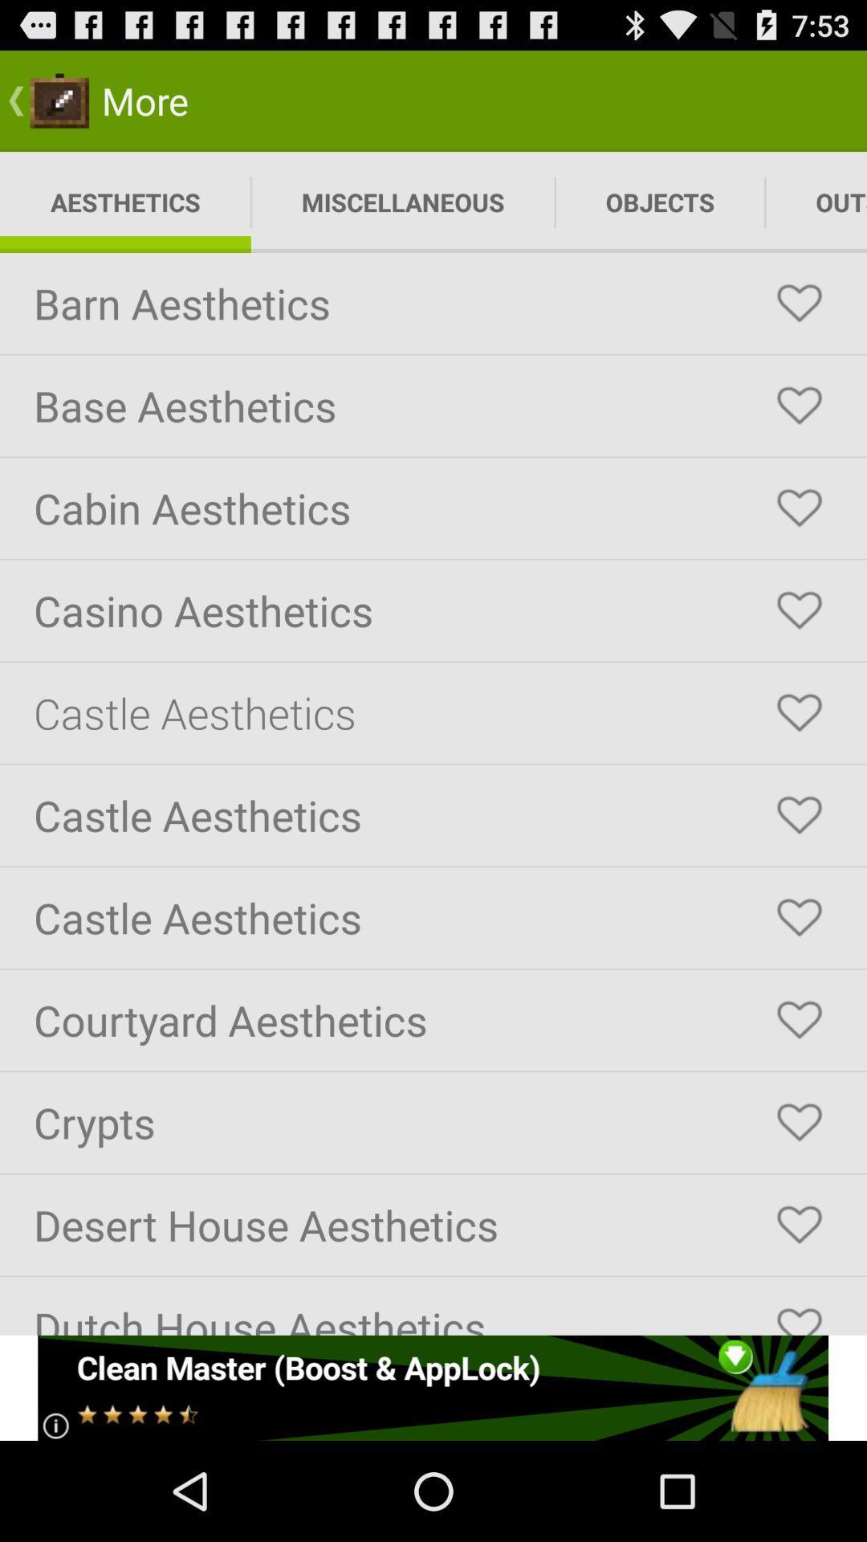 This screenshot has height=1542, width=867. I want to click on favorite, so click(799, 815).